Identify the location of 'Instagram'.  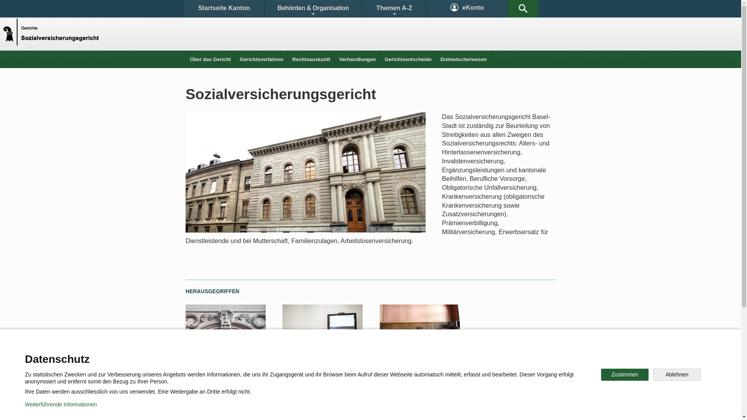
(379, 382).